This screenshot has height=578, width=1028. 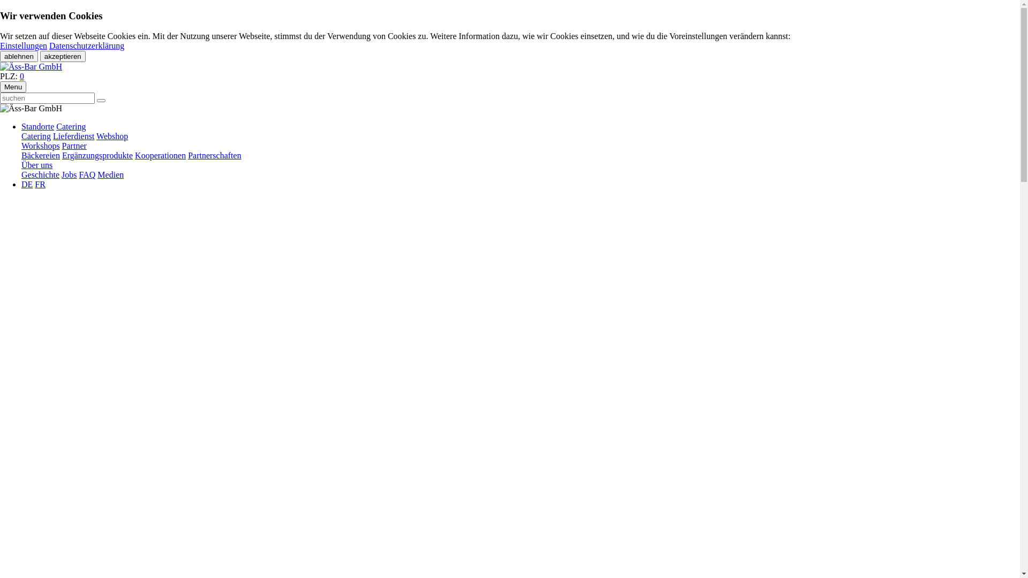 What do you see at coordinates (40, 174) in the screenshot?
I see `'Geschichte'` at bounding box center [40, 174].